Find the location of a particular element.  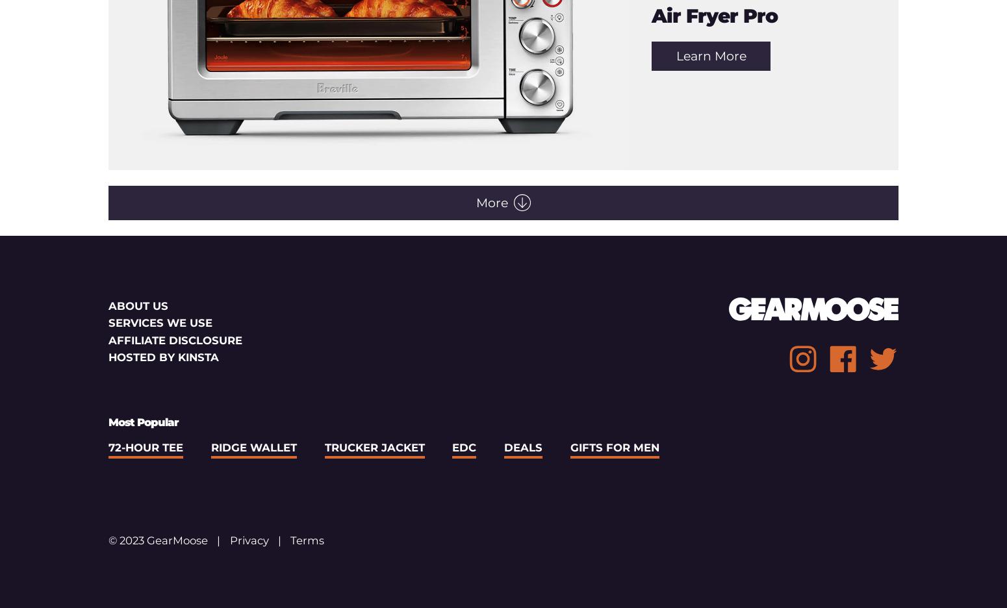

'Privacy' is located at coordinates (248, 539).